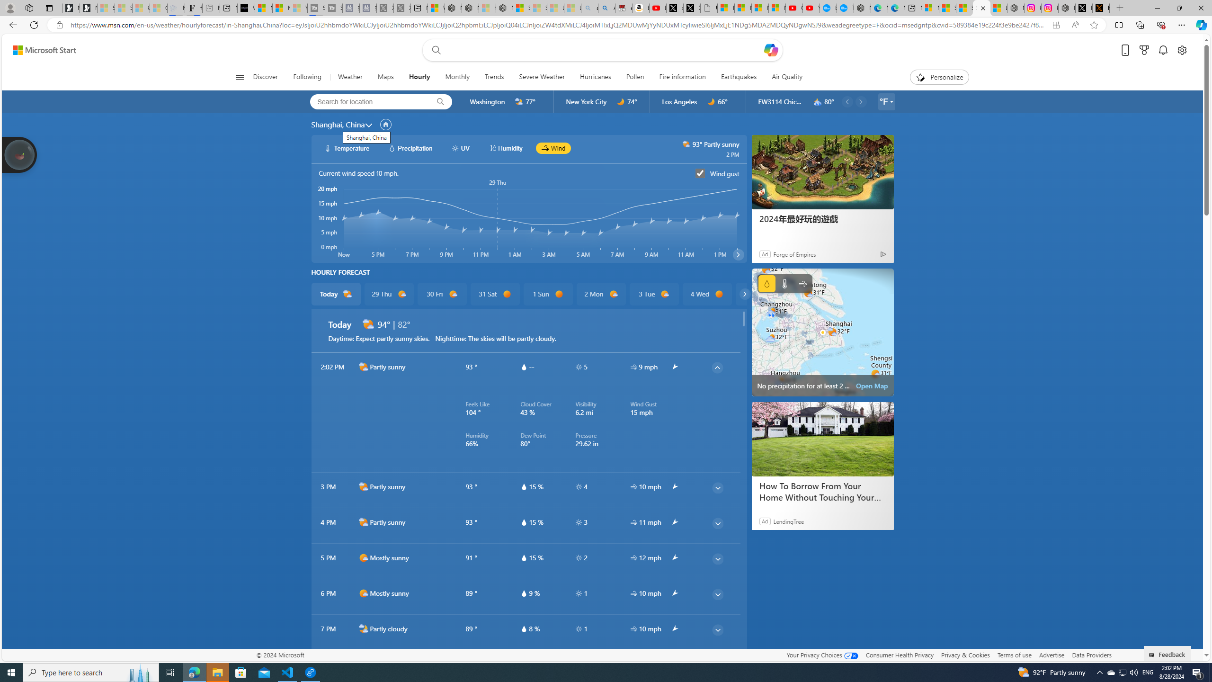 The height and width of the screenshot is (682, 1212). I want to click on 'Pollen', so click(635, 77).